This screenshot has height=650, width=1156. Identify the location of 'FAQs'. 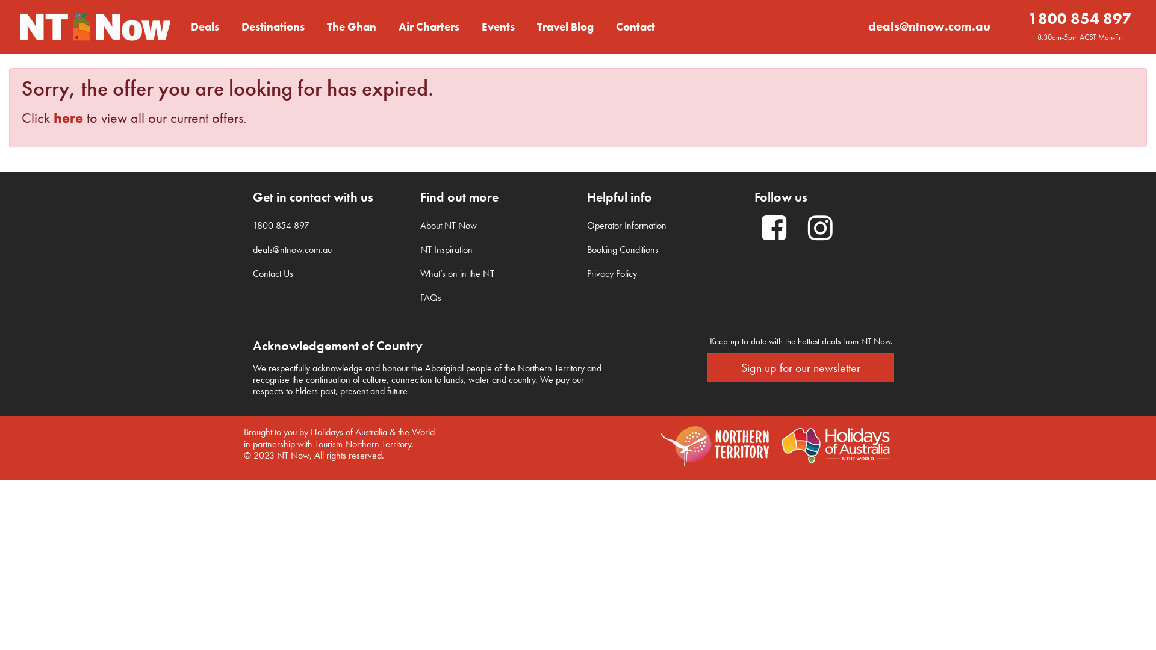
(430, 297).